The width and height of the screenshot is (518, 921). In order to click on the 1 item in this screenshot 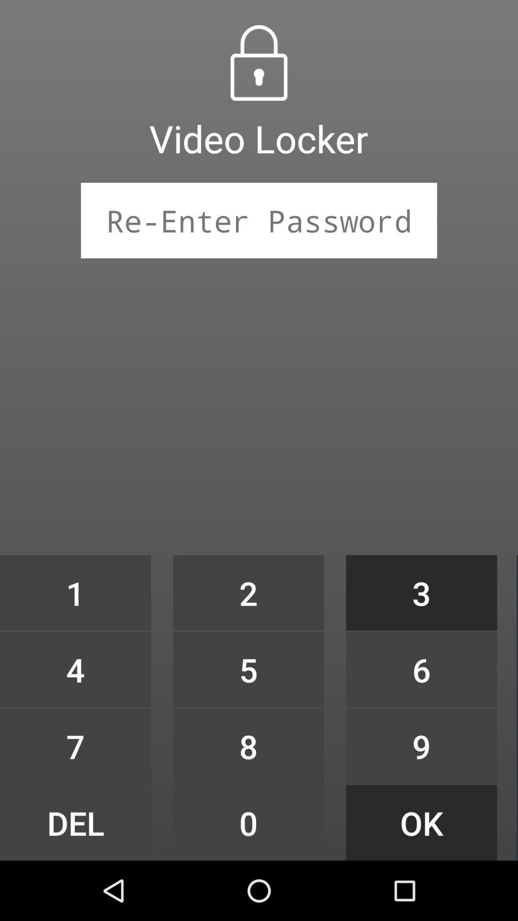, I will do `click(75, 592)`.